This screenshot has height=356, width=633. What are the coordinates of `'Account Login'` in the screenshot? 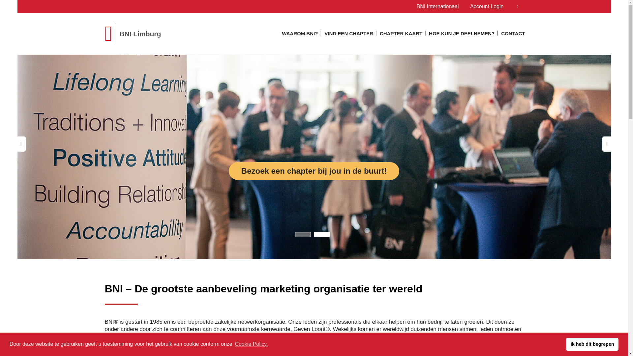 It's located at (494, 6).